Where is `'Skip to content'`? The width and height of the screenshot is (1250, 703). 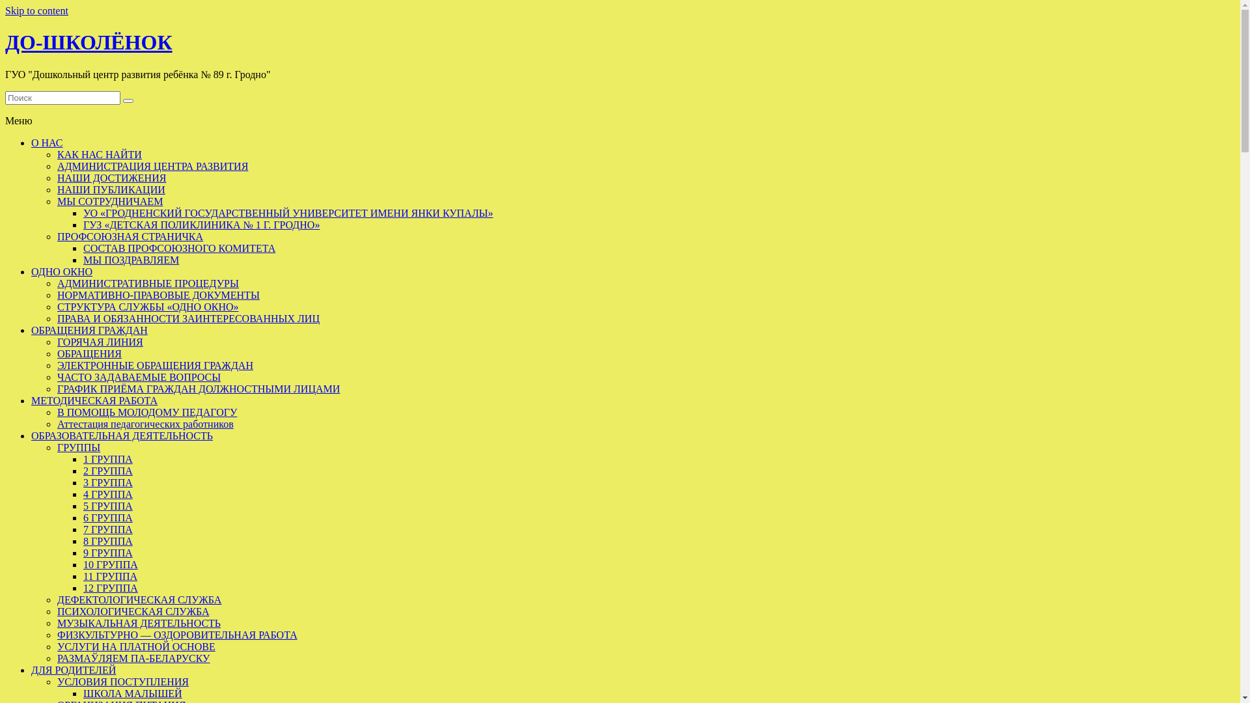
'Skip to content' is located at coordinates (36, 10).